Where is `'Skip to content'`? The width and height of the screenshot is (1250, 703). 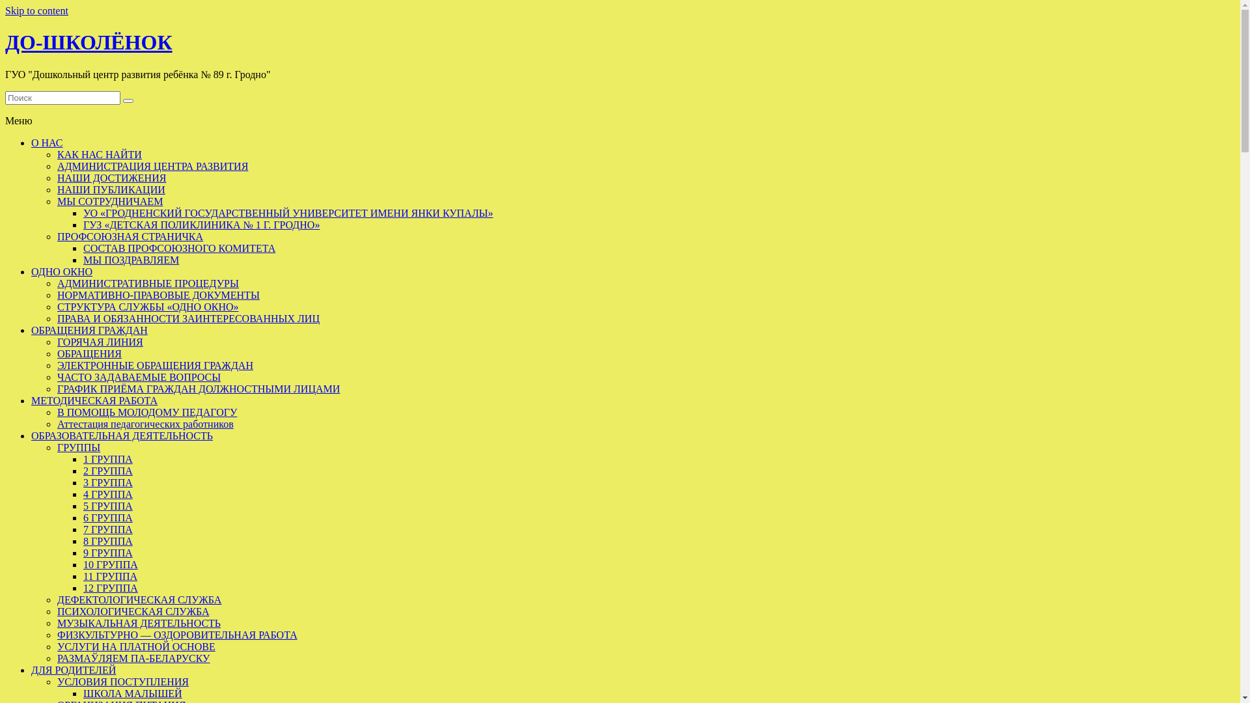
'Skip to content' is located at coordinates (36, 10).